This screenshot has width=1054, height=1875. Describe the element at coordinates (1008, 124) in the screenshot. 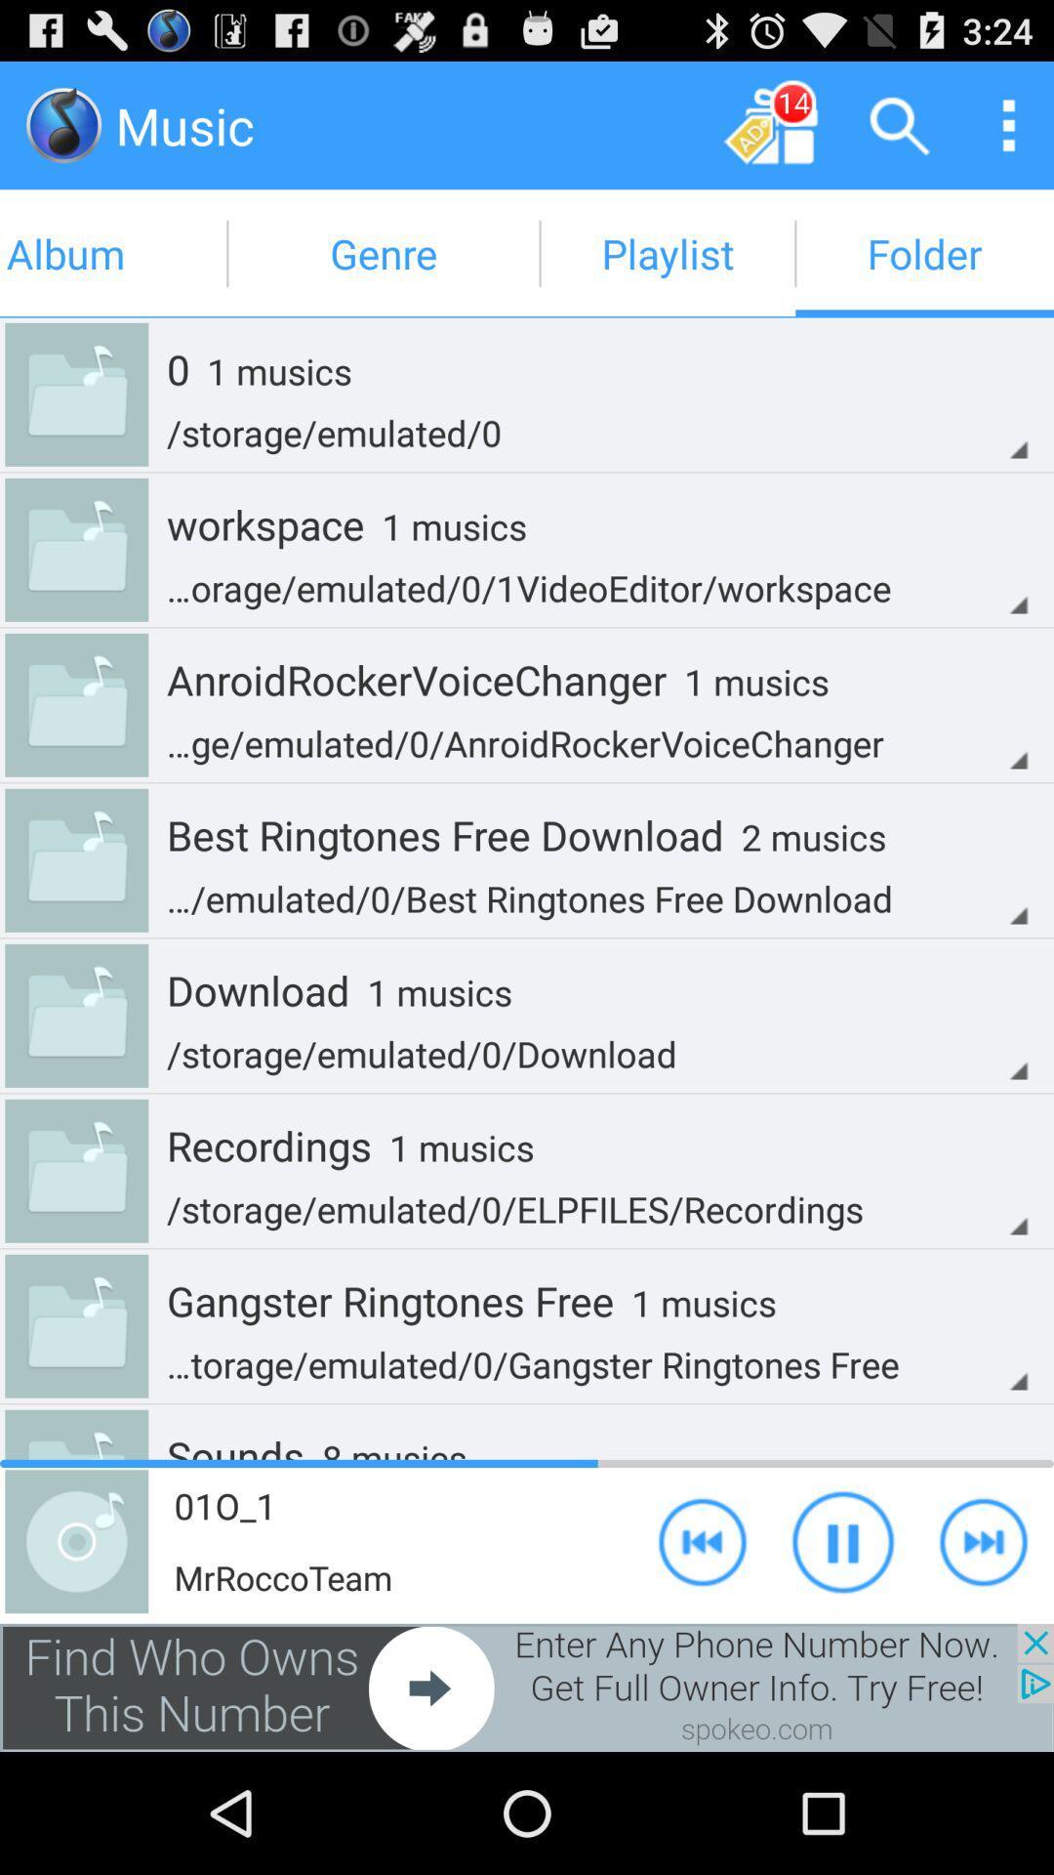

I see `go ton meanu` at that location.